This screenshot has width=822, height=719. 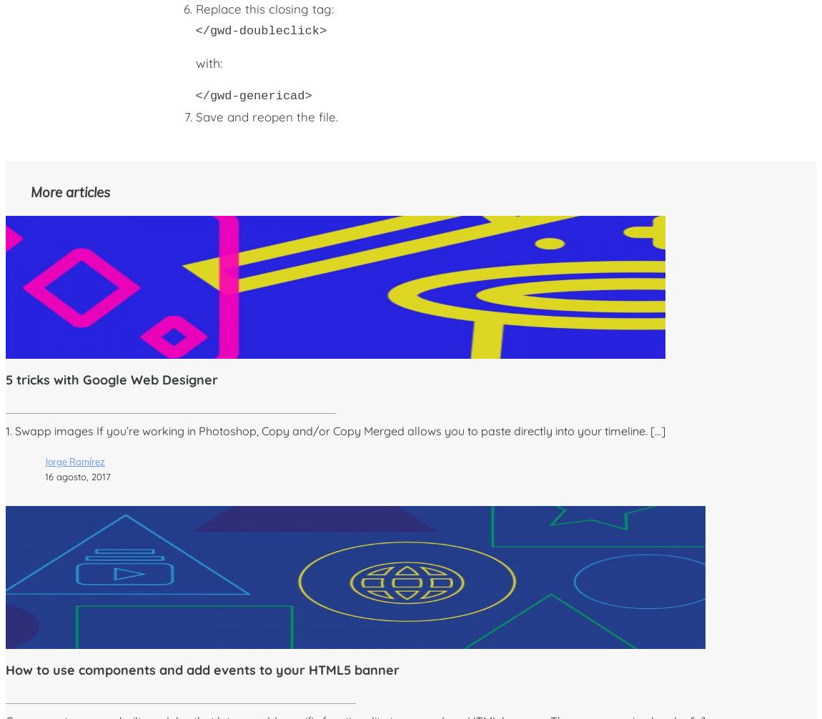 What do you see at coordinates (253, 96) in the screenshot?
I see `'</gwd-genericad>'` at bounding box center [253, 96].